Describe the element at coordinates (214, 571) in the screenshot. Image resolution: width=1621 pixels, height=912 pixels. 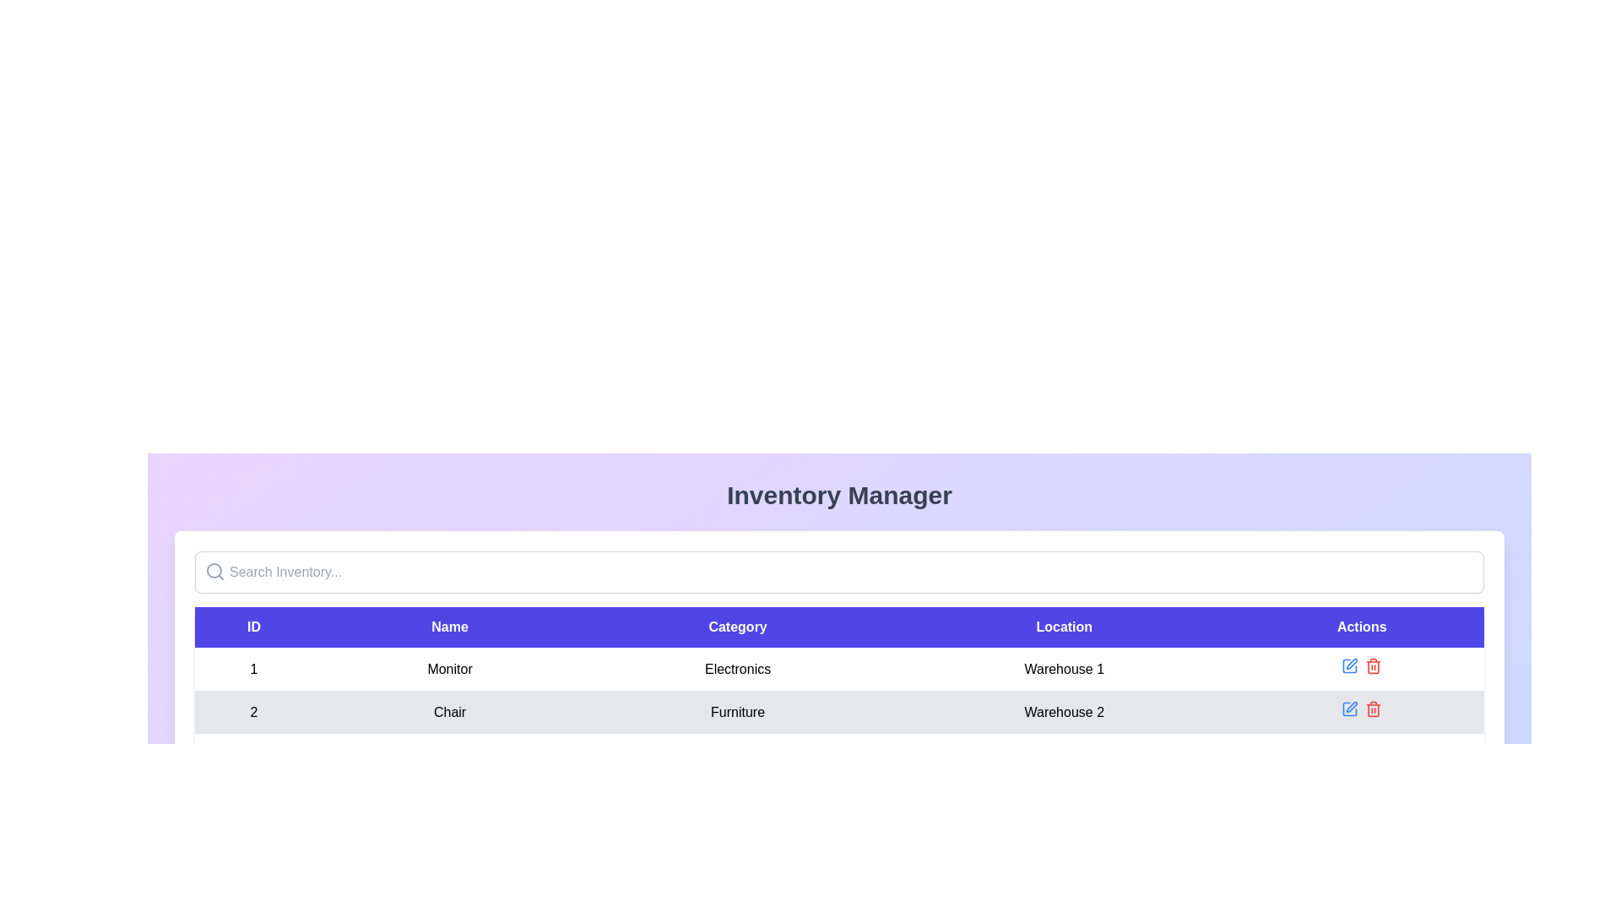
I see `the gray SVG search magnifying glass icon located on the left side of the input field labeled 'Search Inventory...'` at that location.